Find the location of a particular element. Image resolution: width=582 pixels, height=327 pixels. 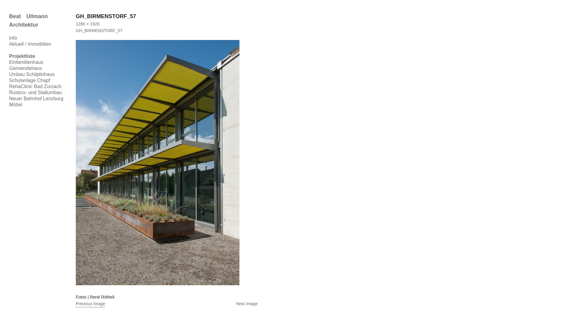

'Next Image' is located at coordinates (167, 303).